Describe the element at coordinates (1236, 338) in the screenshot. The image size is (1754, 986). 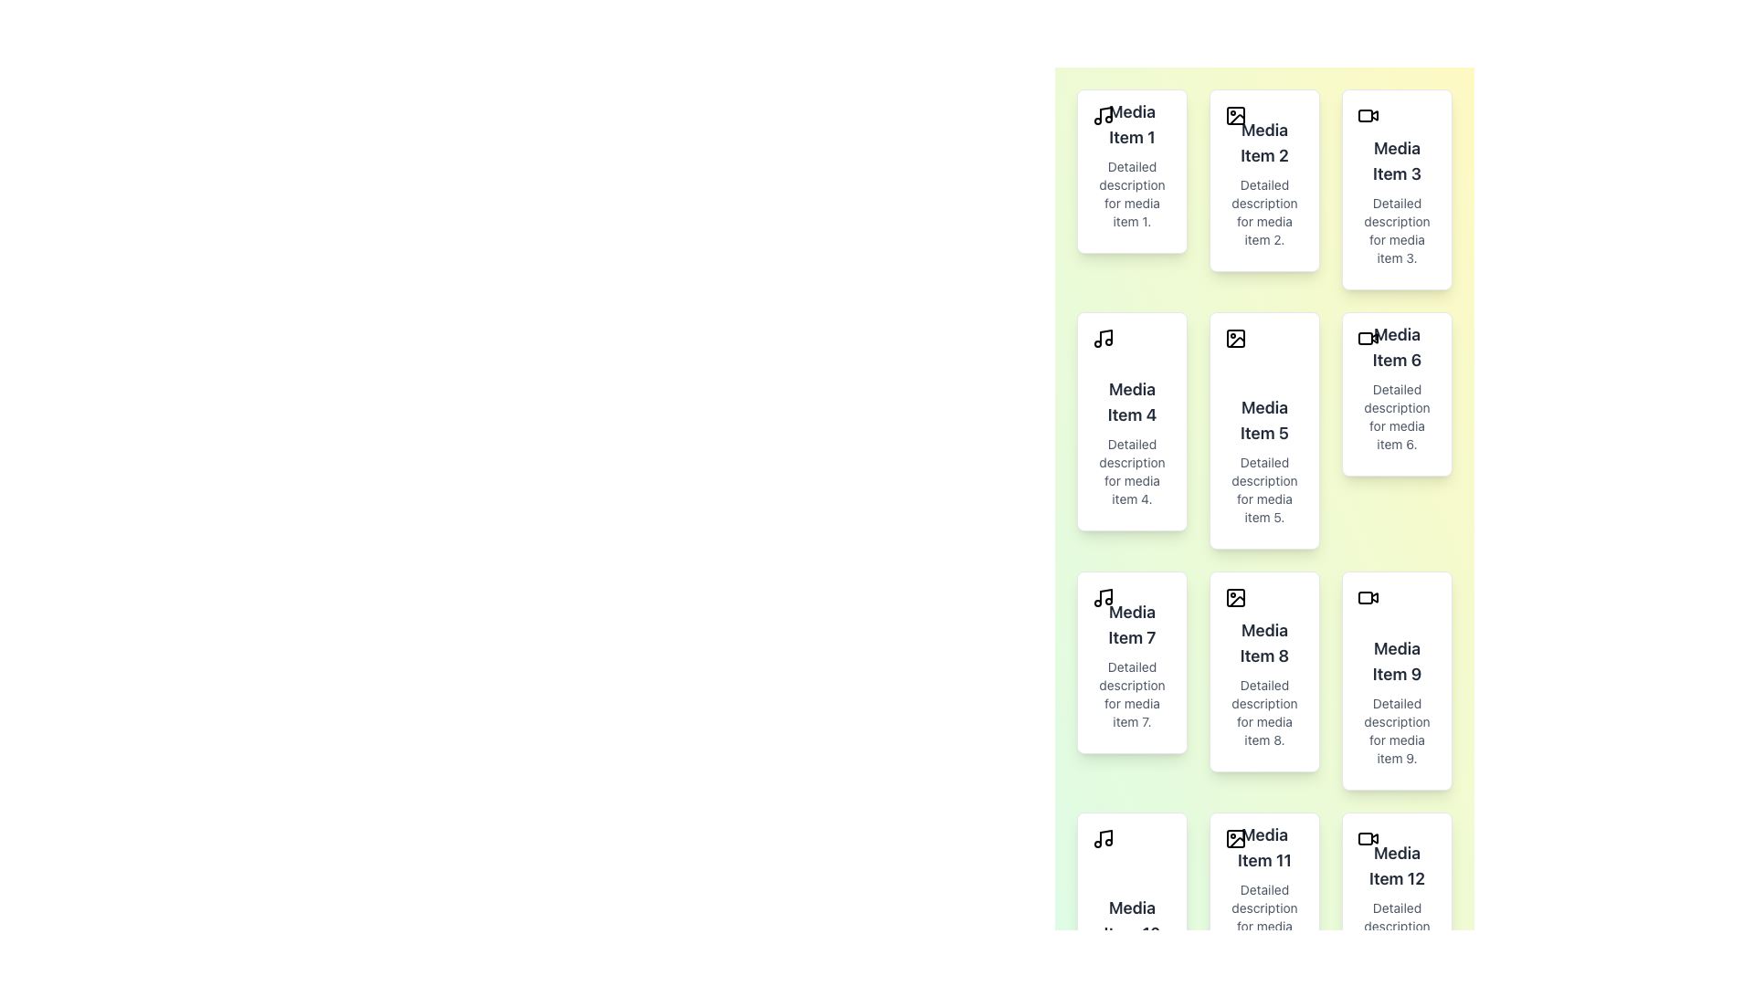
I see `the top-left SVG rectangle element within the 'Media Item 5' card, which is located in the second column and second row of the grid layout` at that location.